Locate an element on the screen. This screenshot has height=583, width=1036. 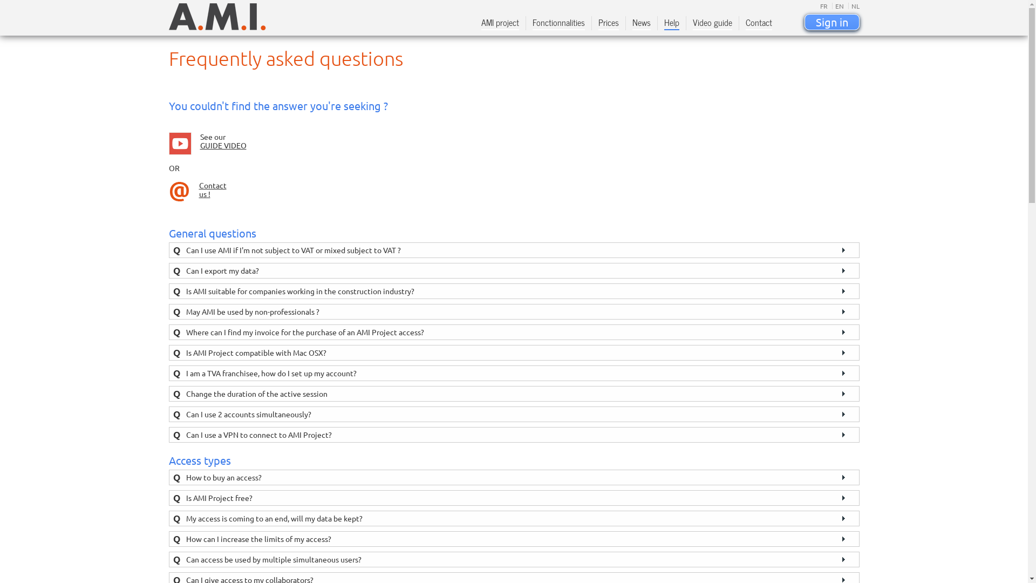
'Q Is AMI Project free?' is located at coordinates (513, 498).